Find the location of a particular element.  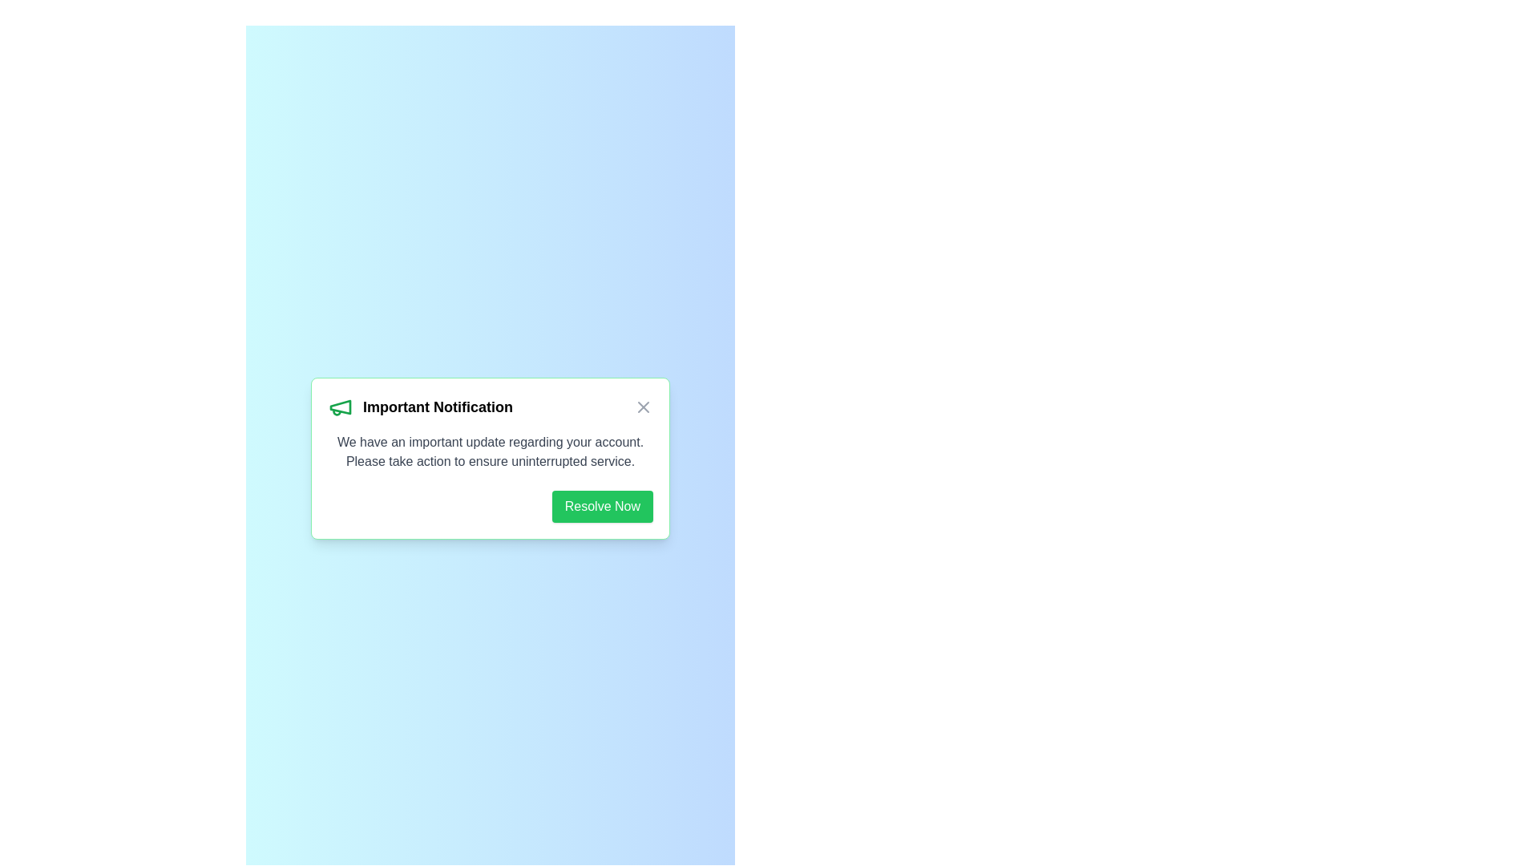

the close button of the alert to dismiss it is located at coordinates (643, 407).